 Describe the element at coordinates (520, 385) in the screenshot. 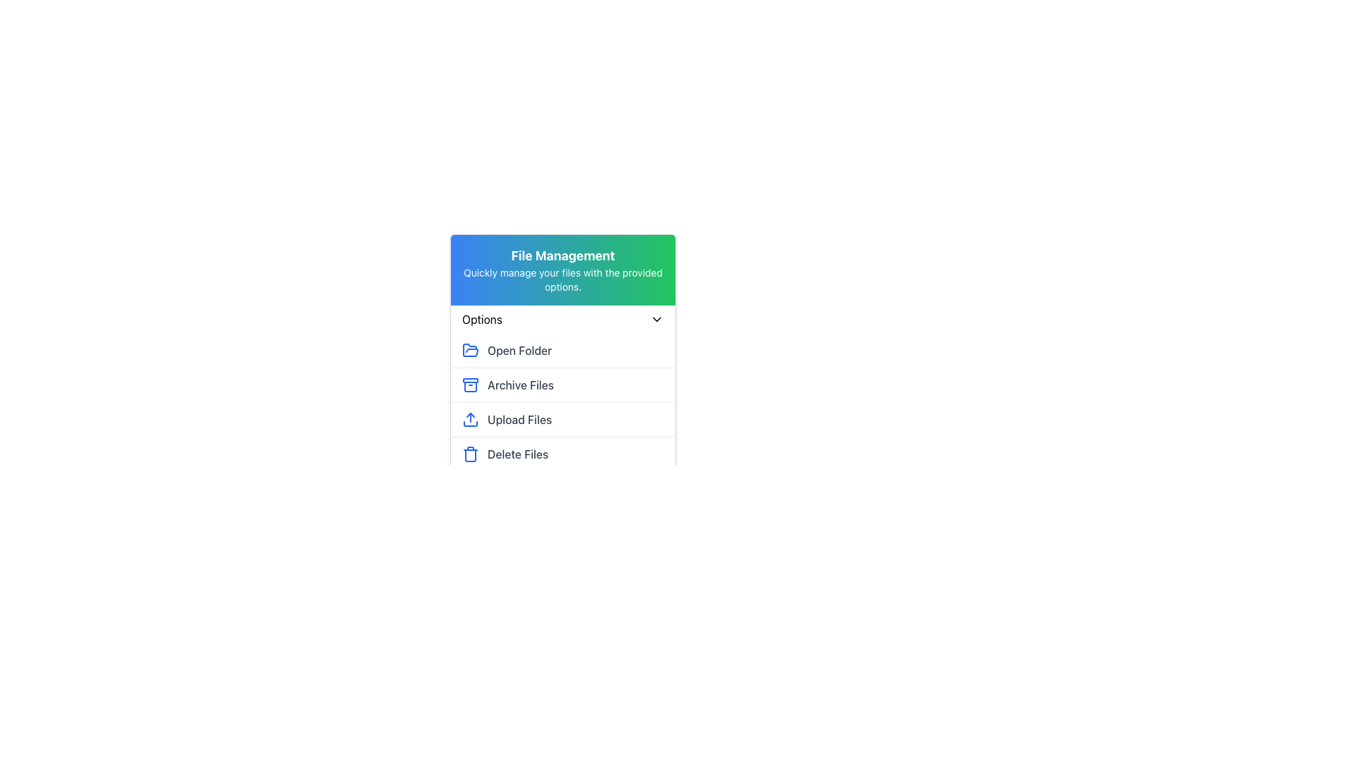

I see `text label indicating the function of archiving files, which is positioned to the right of a storage box icon in the Options menu` at that location.